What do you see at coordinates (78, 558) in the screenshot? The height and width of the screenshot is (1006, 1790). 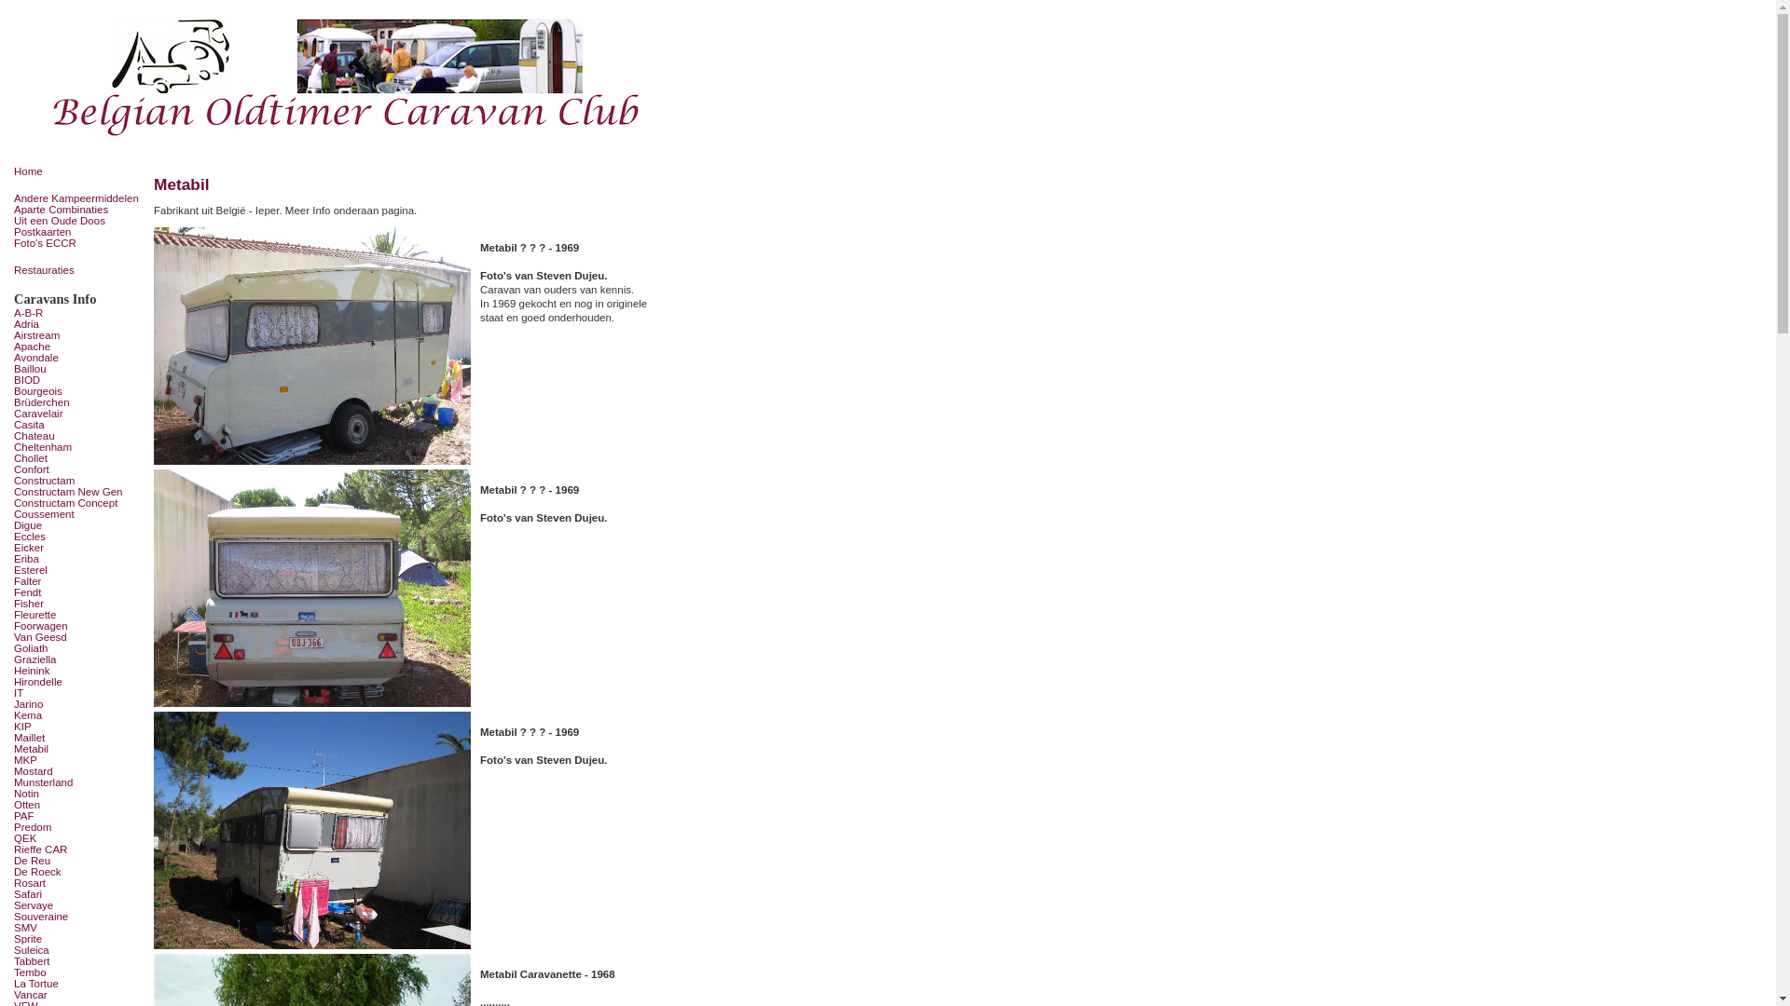 I see `'Eriba'` at bounding box center [78, 558].